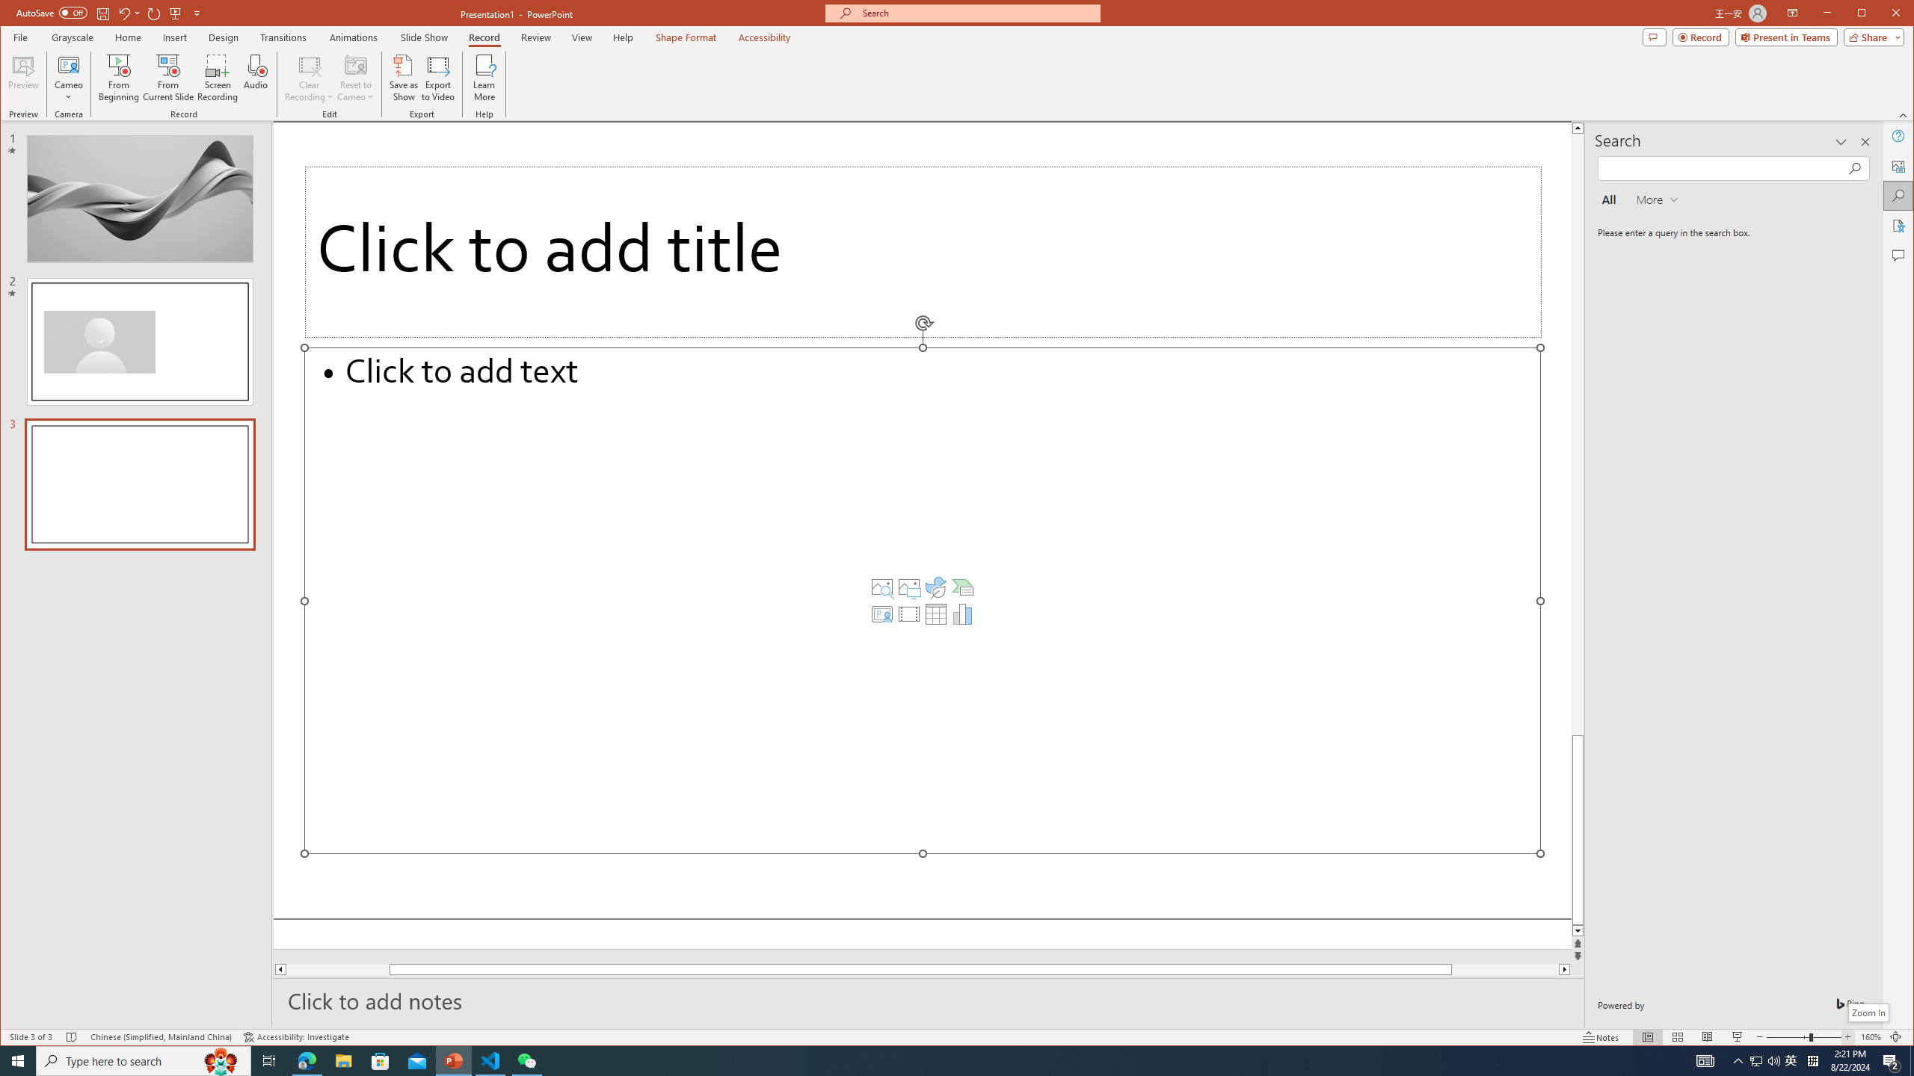 This screenshot has width=1914, height=1076. Describe the element at coordinates (1871, 37) in the screenshot. I see `'Share'` at that location.